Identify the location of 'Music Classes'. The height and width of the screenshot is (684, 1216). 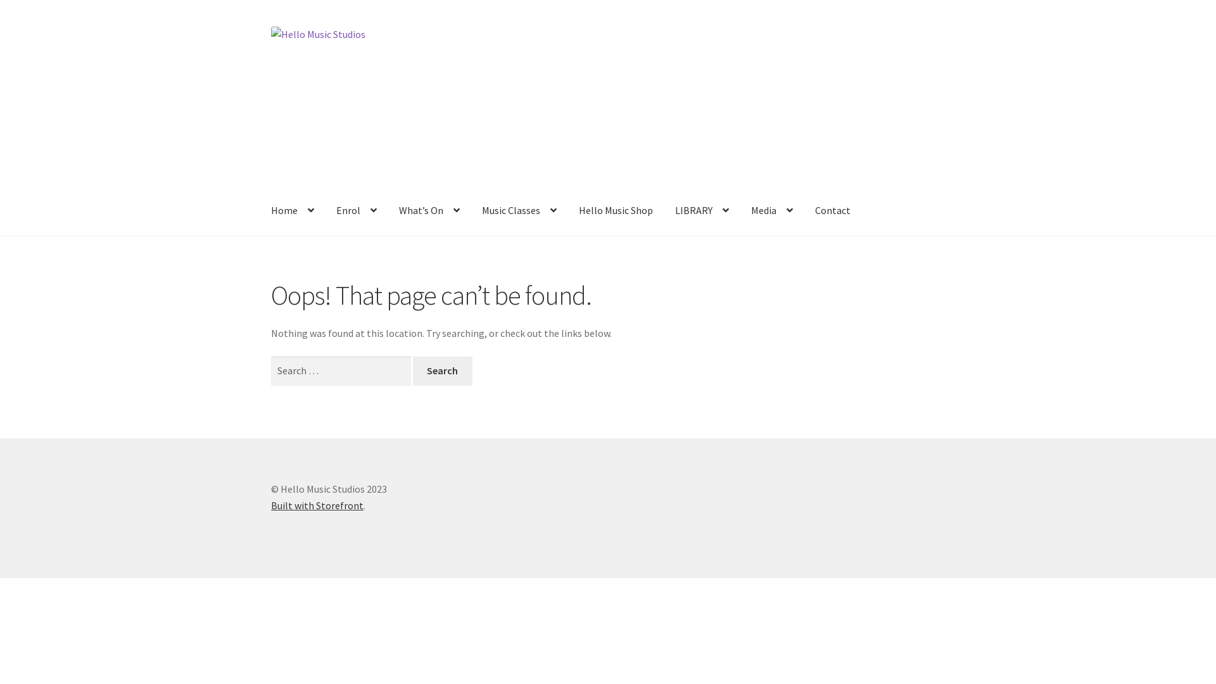
(471, 211).